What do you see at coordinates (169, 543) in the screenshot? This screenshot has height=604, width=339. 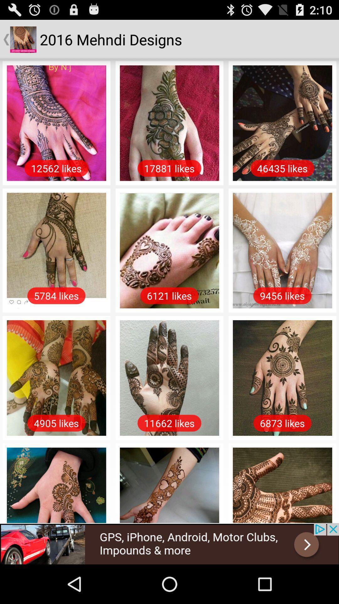 I see `space where you access advertising` at bounding box center [169, 543].